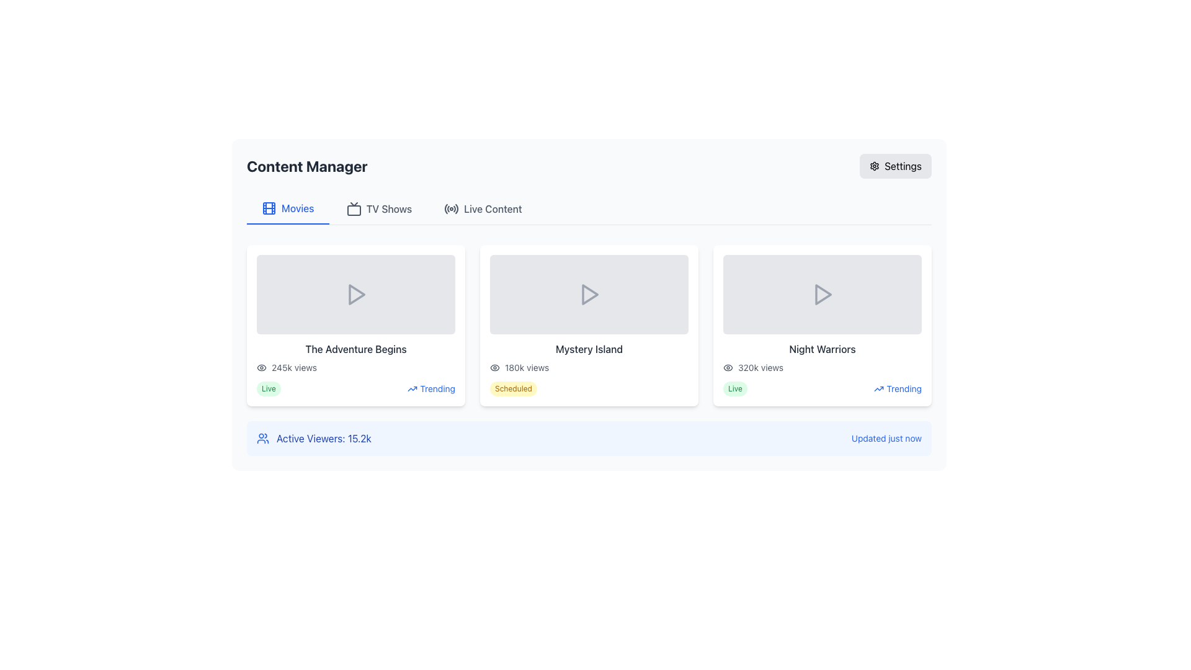 The width and height of the screenshot is (1191, 670). I want to click on the left-most card in the horizontal grid layout under the 'Movies' tab, so click(355, 324).